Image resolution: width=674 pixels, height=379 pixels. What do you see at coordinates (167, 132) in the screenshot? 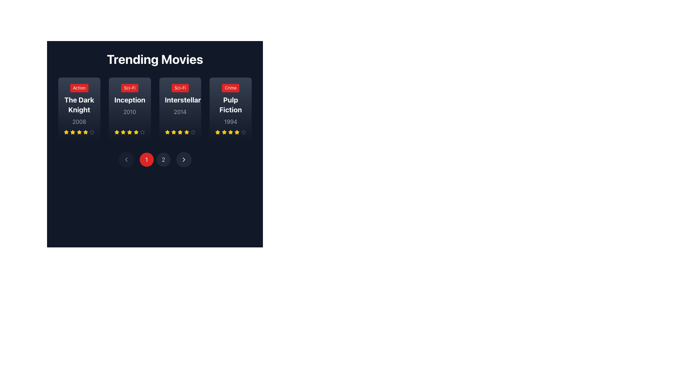
I see `the first star icon representing the rating system for the movie 'Interstellar' in the third card of the 'Trending Movies' section` at bounding box center [167, 132].